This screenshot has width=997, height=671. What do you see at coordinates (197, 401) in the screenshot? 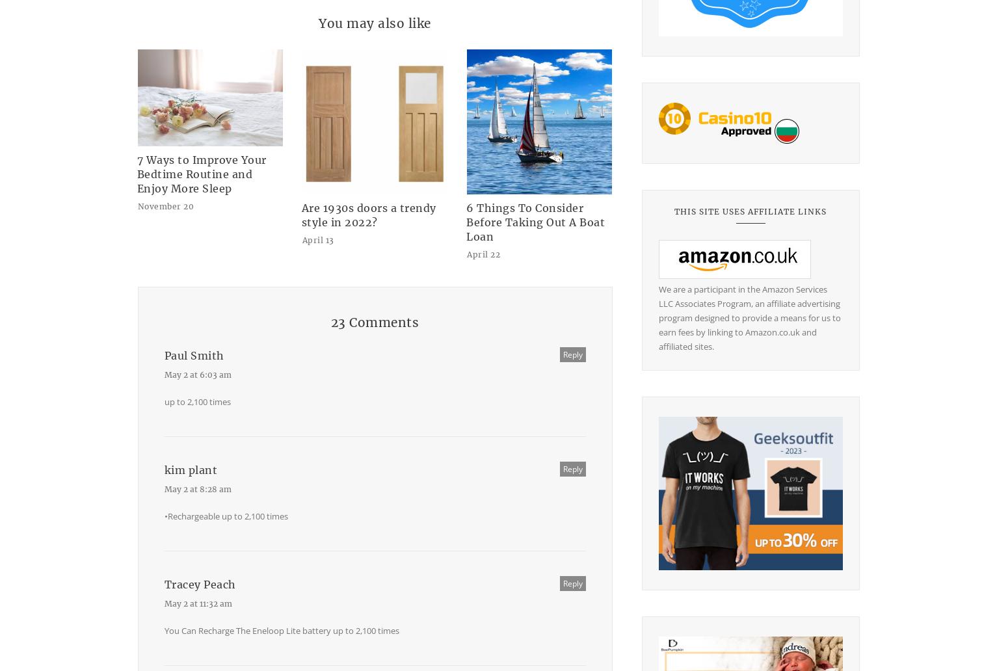
I see `'up to 2,100 times'` at bounding box center [197, 401].